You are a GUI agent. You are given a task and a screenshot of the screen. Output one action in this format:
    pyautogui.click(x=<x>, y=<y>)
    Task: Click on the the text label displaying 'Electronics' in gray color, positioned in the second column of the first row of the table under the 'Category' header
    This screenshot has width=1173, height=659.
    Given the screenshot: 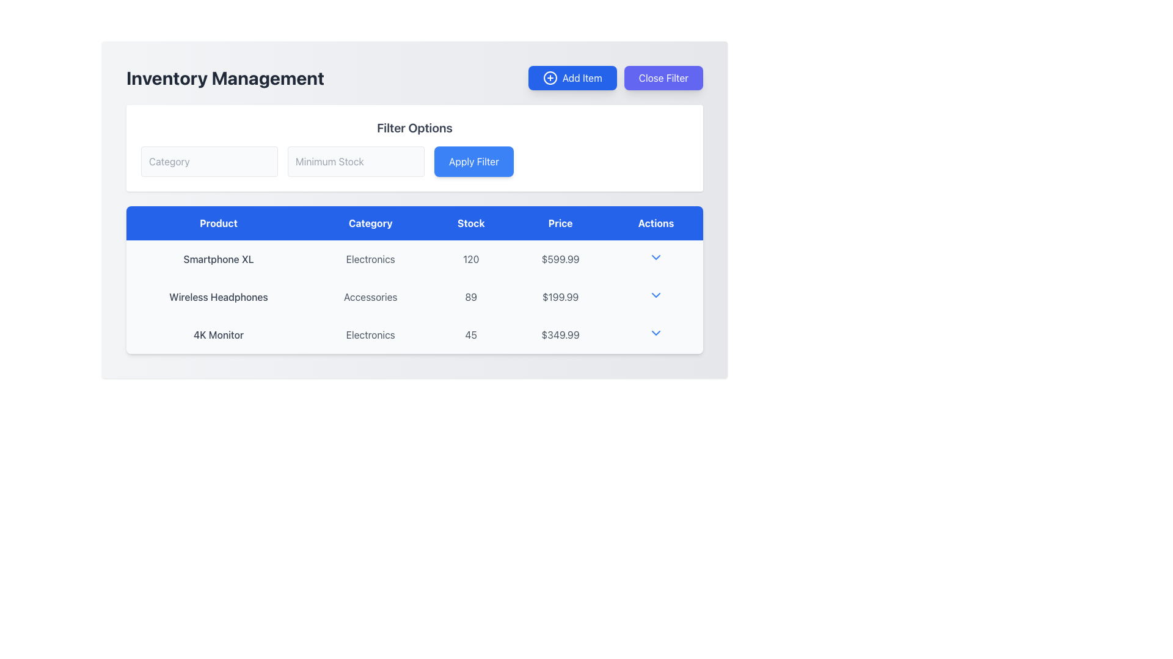 What is the action you would take?
    pyautogui.click(x=370, y=258)
    